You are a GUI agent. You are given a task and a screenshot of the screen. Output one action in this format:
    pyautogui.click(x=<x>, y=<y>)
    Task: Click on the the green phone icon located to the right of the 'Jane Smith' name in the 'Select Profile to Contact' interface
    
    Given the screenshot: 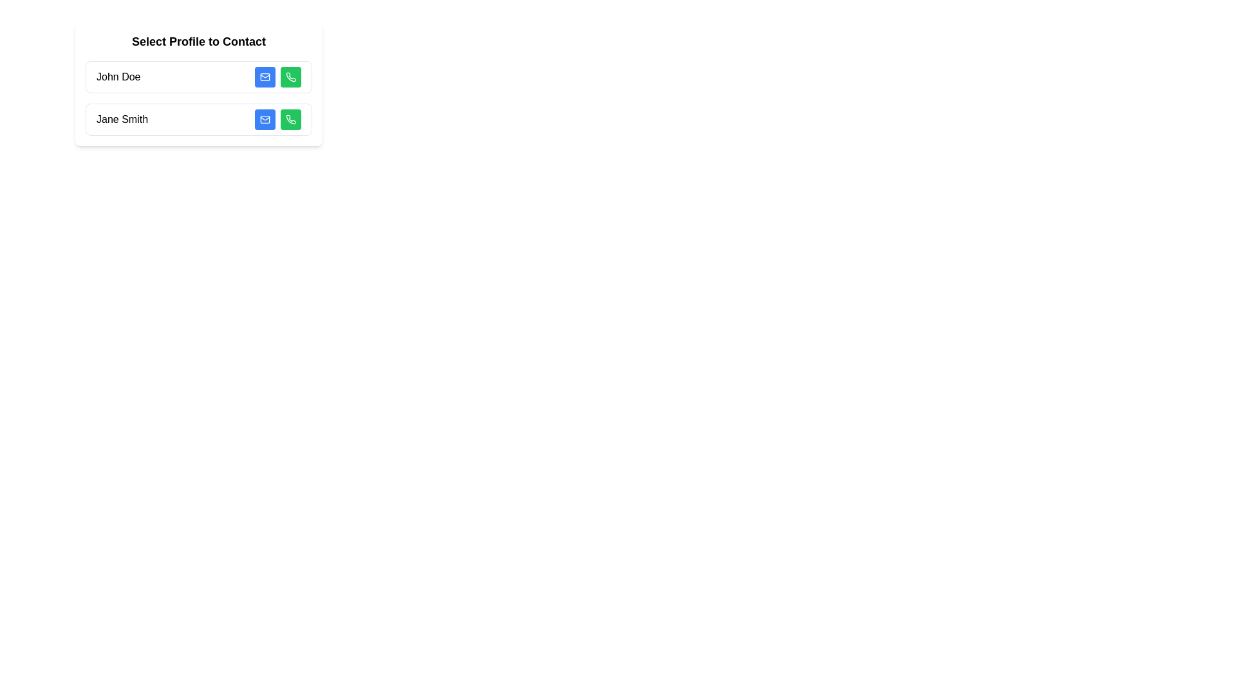 What is the action you would take?
    pyautogui.click(x=290, y=77)
    